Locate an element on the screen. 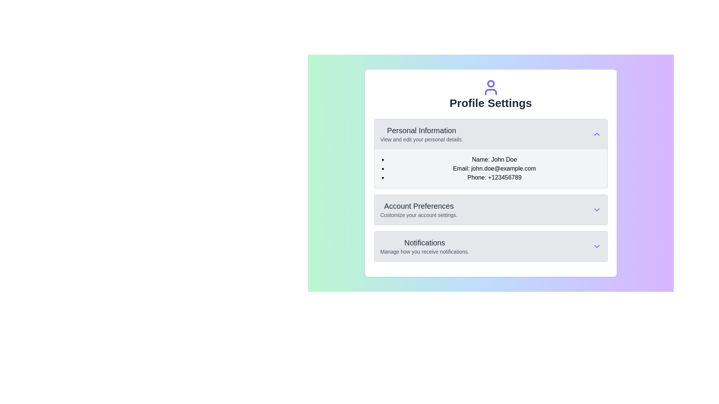  the 'Account Preferences' text component, which includes a bold header and a subtext for customizing account settings, located in the Profile Settings panel is located at coordinates (418, 209).